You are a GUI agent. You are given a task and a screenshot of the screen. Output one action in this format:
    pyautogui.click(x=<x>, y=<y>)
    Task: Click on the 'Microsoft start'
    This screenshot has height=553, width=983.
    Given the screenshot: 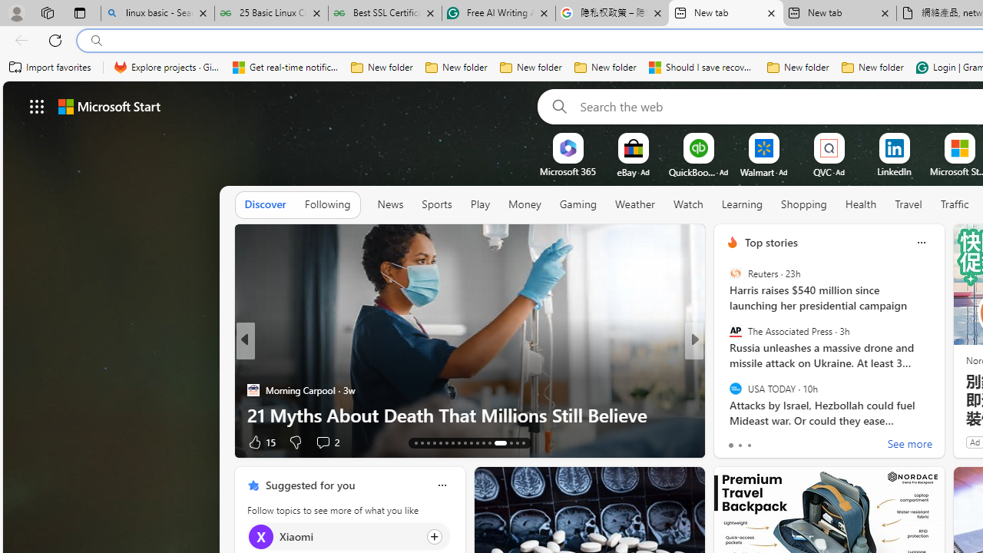 What is the action you would take?
    pyautogui.click(x=108, y=105)
    